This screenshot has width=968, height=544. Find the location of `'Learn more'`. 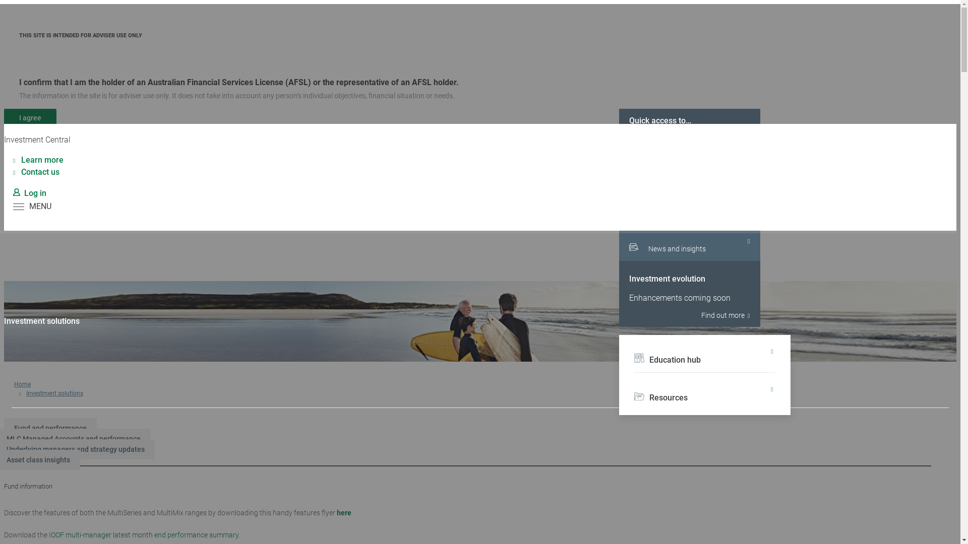

'Learn more' is located at coordinates (38, 159).